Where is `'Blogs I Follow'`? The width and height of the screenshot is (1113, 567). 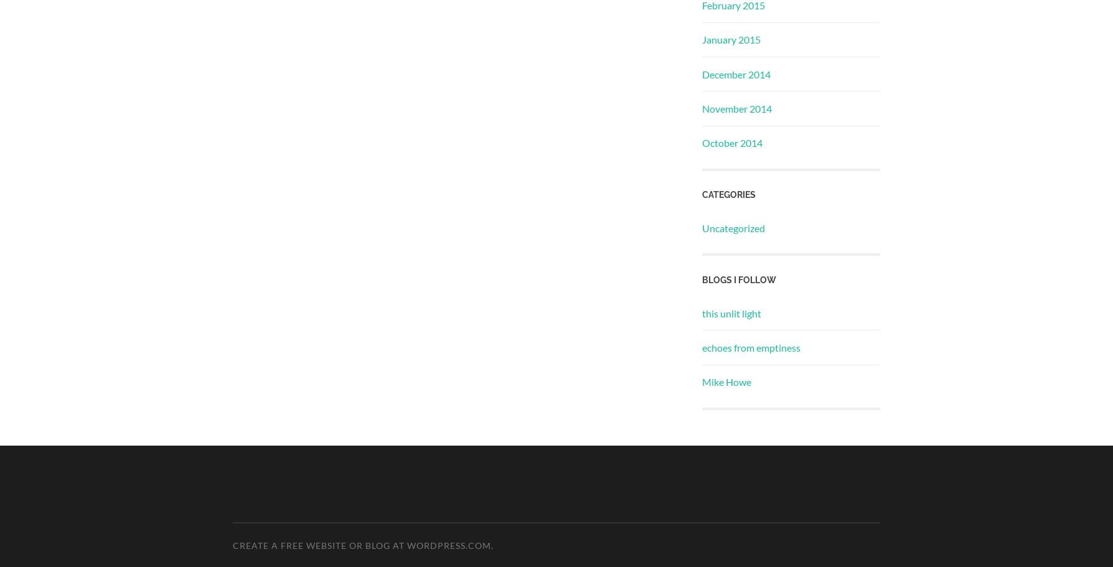 'Blogs I Follow' is located at coordinates (738, 279).